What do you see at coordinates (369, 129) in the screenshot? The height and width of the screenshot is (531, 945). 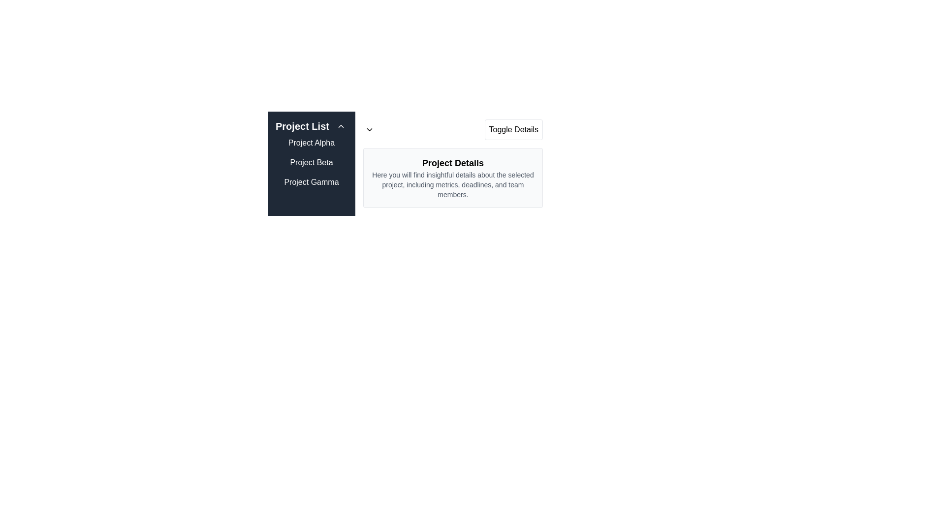 I see `the chevron icon` at bounding box center [369, 129].